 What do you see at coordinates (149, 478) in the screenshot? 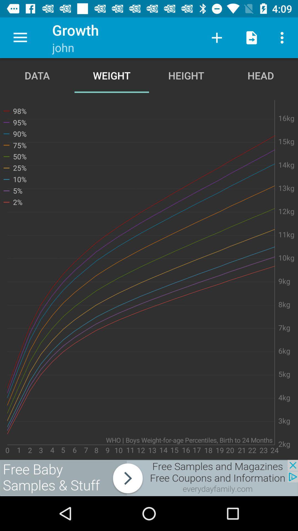
I see `advertisement` at bounding box center [149, 478].